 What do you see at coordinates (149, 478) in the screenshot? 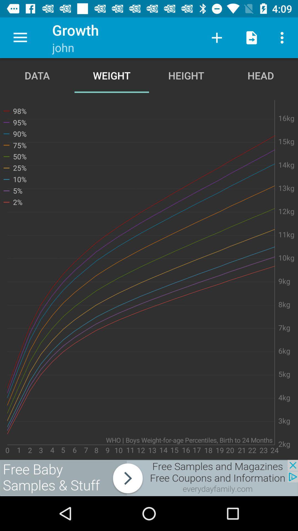
I see `advertisement` at bounding box center [149, 478].